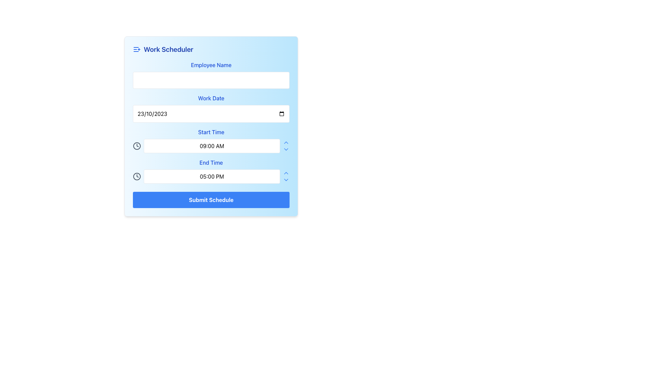 The height and width of the screenshot is (366, 651). Describe the element at coordinates (286, 142) in the screenshot. I see `the increment button located to the right of the 'Start Time' input box, which is the top blue chevron icon` at that location.